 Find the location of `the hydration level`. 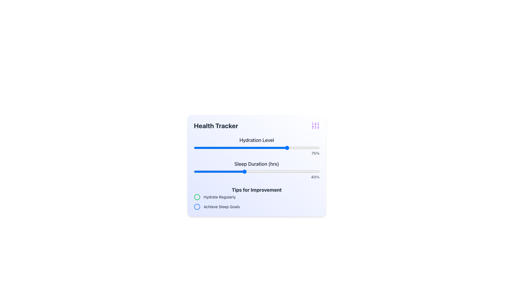

the hydration level is located at coordinates (254, 148).